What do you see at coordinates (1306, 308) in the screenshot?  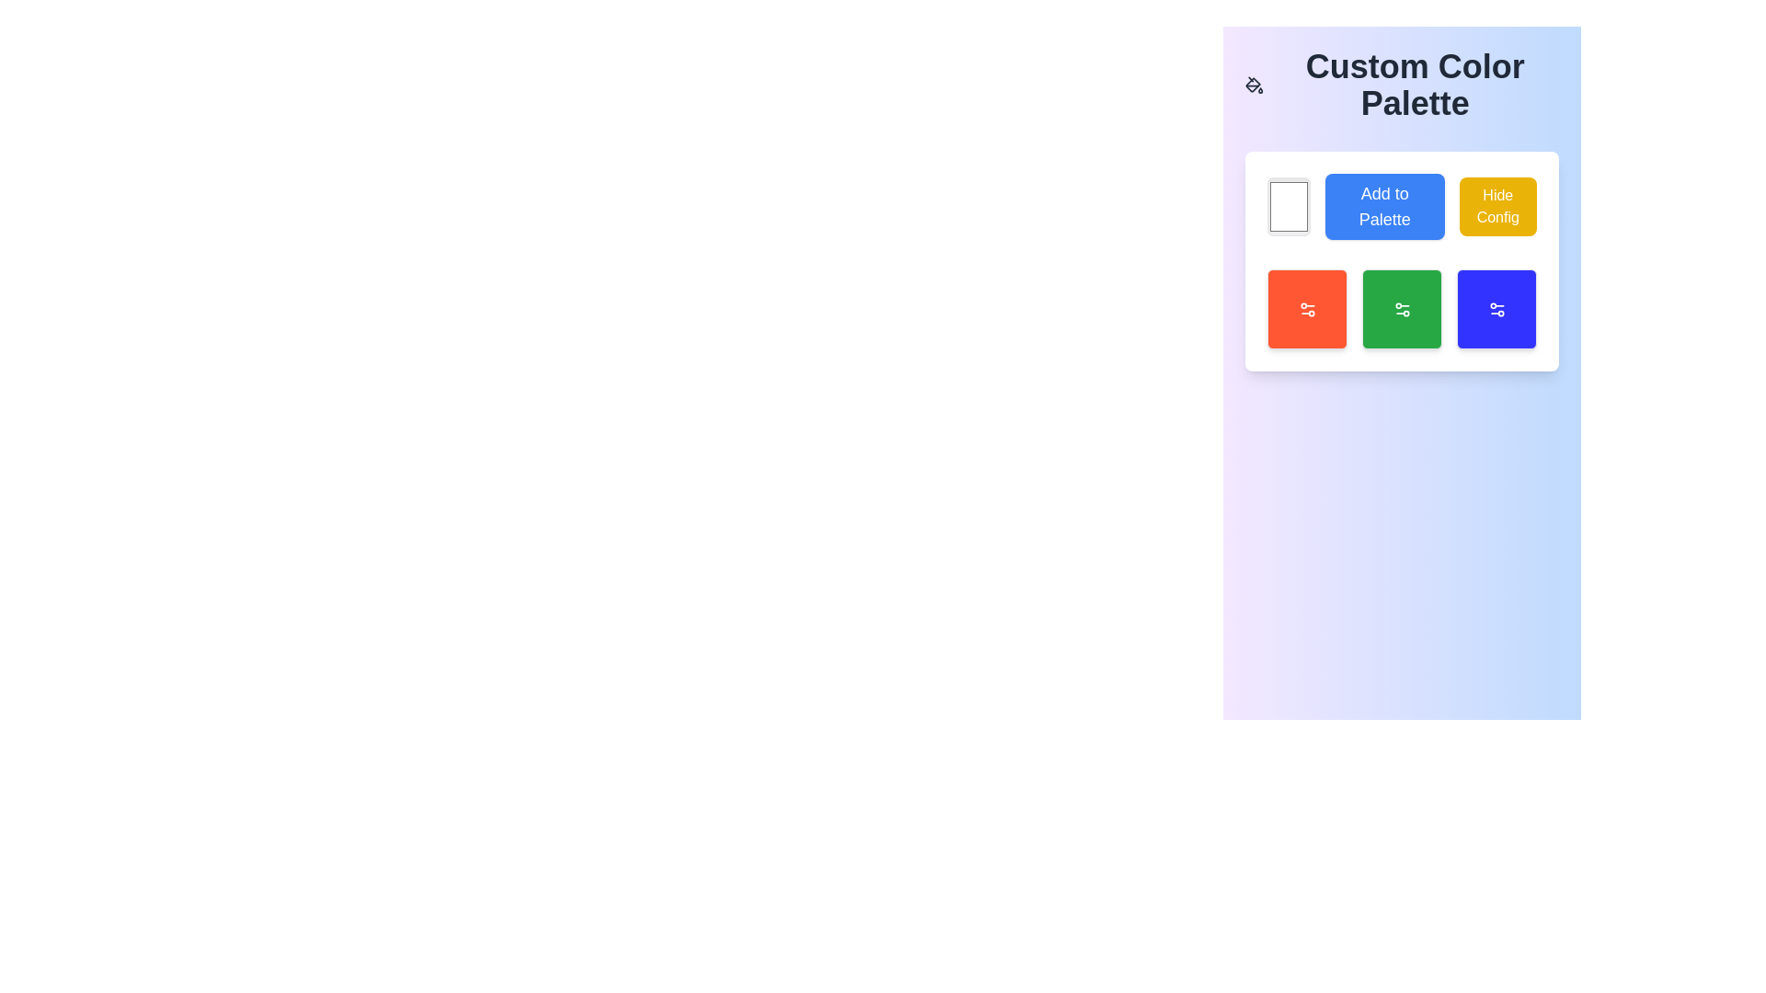 I see `the left-most red button with a white adjustment sliders icon located in the lower portion of a white card element` at bounding box center [1306, 308].